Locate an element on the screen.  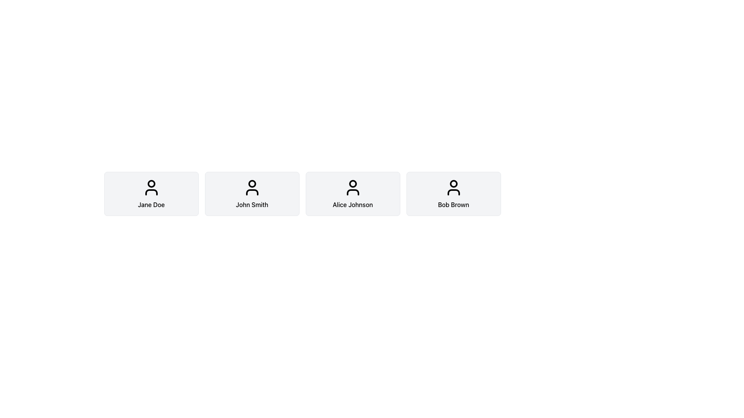
the text label that identifies a user by their name, located below the user profile icon in the user profile component is located at coordinates (252, 204).